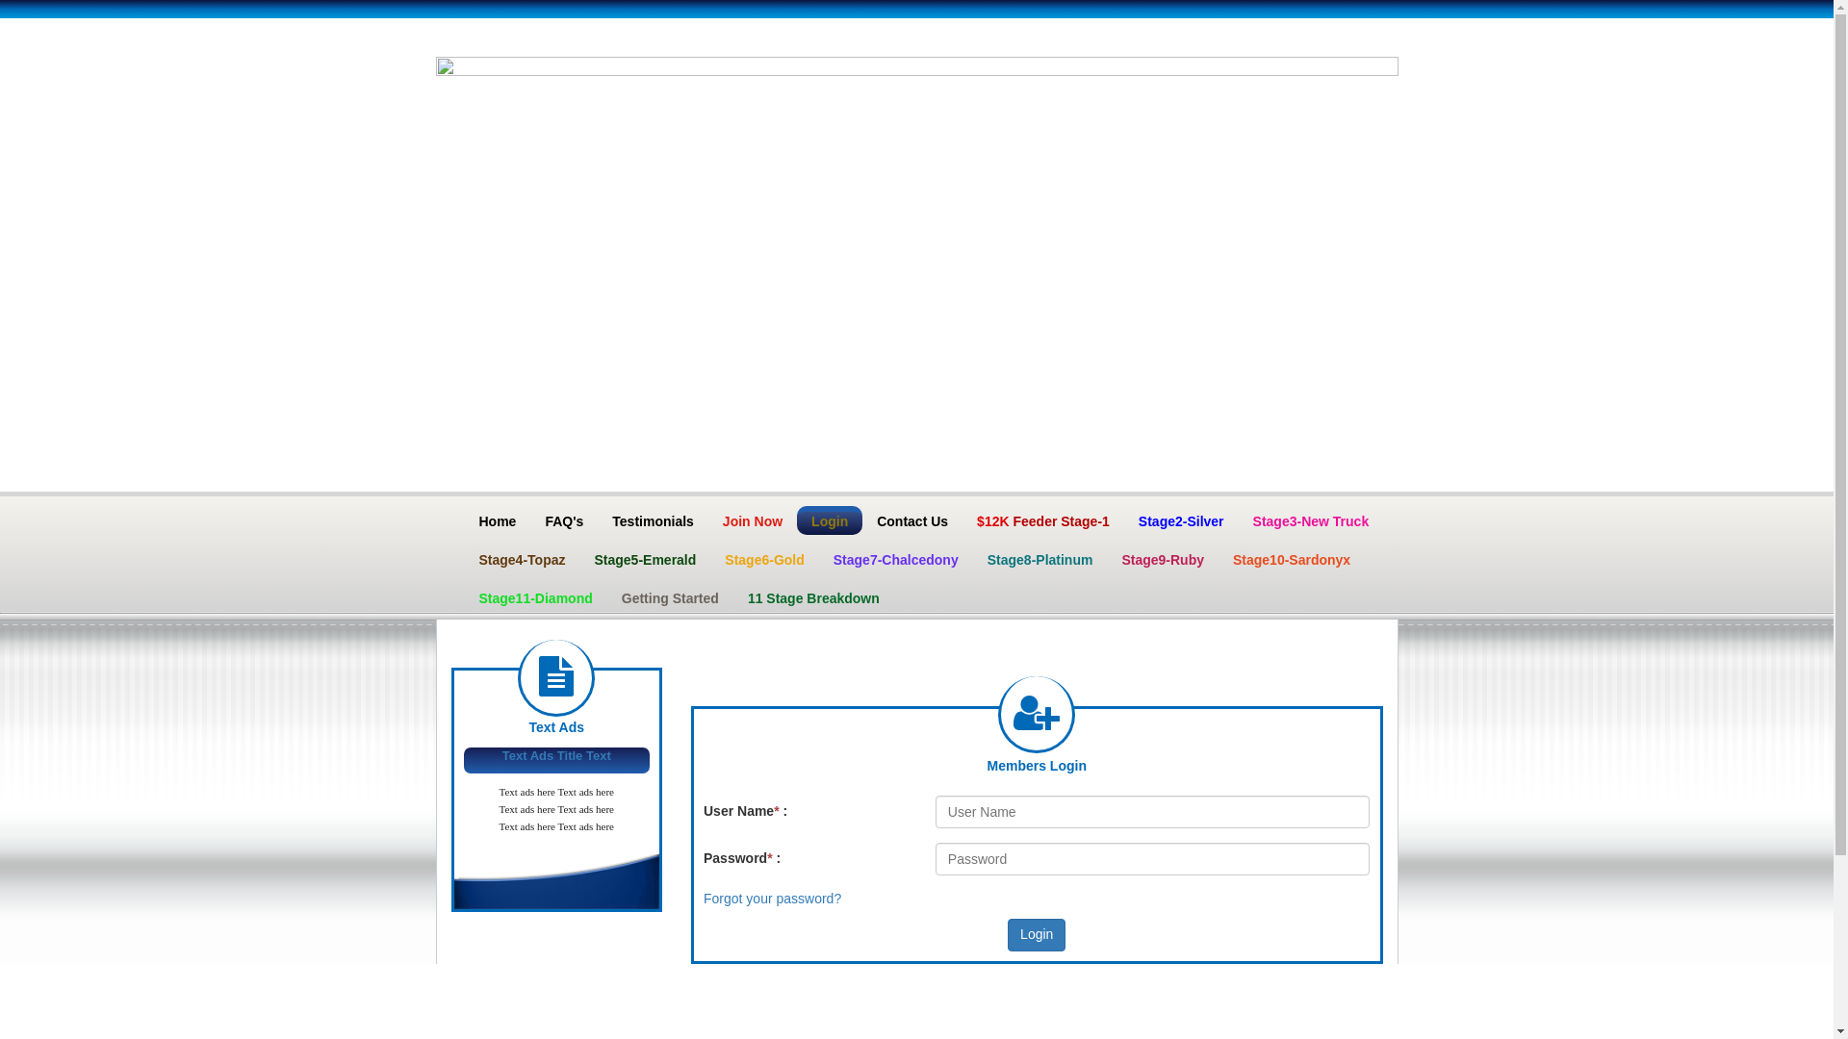  What do you see at coordinates (1042, 519) in the screenshot?
I see `'$12K Feeder Stage-1'` at bounding box center [1042, 519].